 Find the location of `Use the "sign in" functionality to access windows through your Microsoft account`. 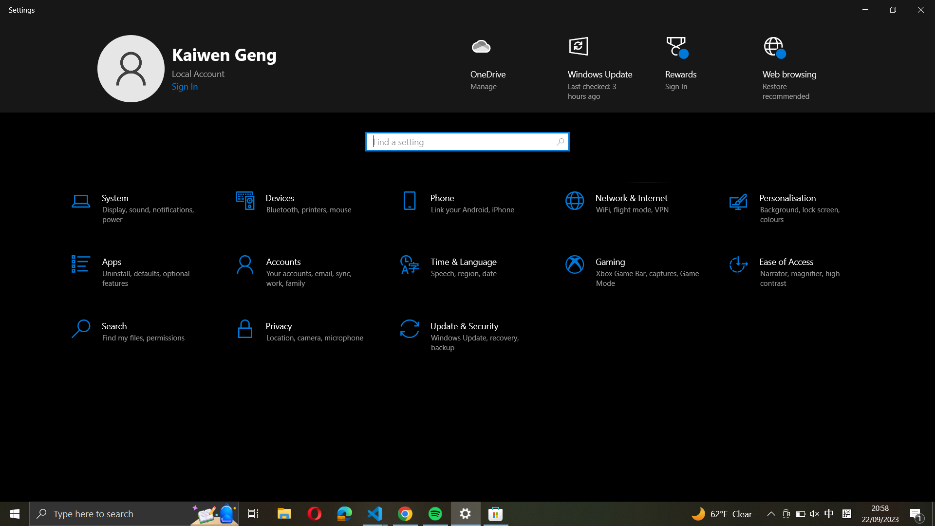

Use the "sign in" functionality to access windows through your Microsoft account is located at coordinates (186, 86).